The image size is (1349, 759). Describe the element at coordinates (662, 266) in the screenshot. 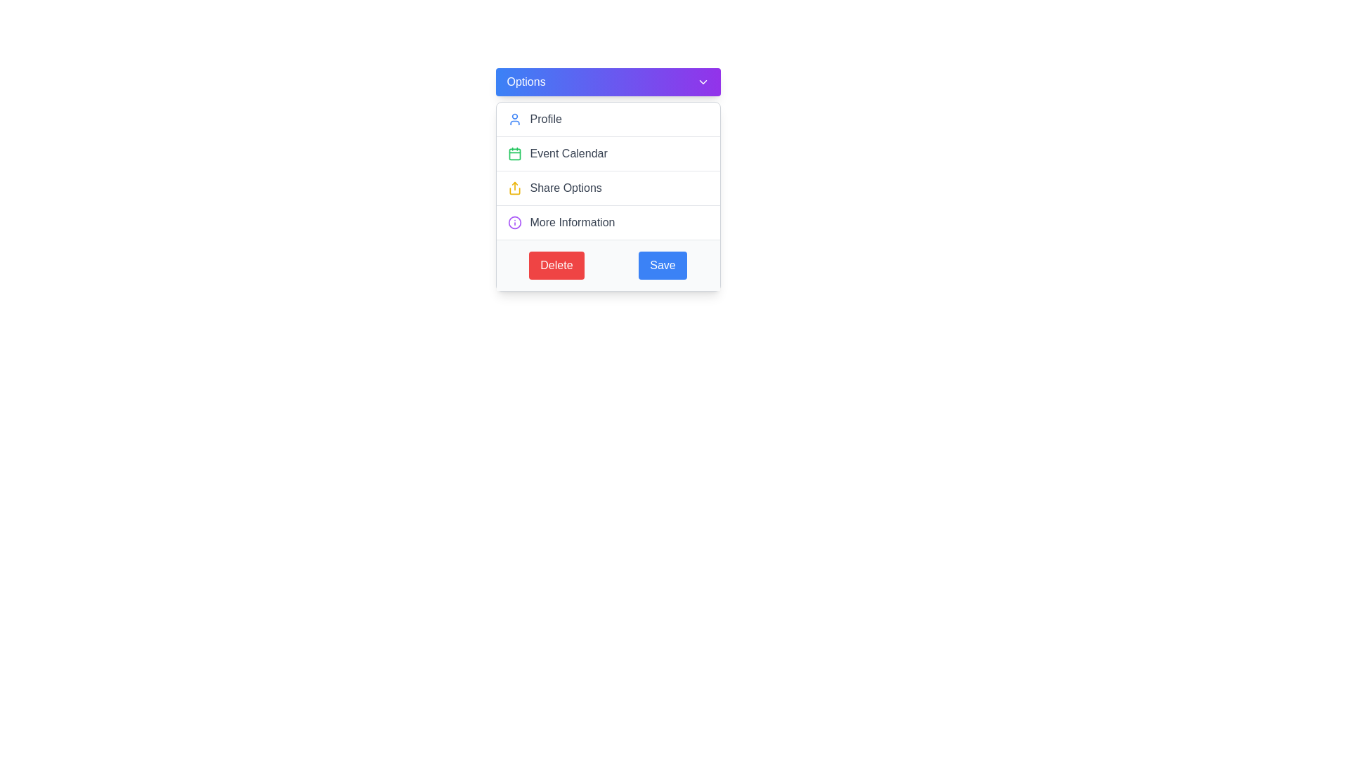

I see `the 'Save' button, which is a rectangular button with rounded corners, styled in vibrant blue with white text, located at the bottom right corner of a panel` at that location.